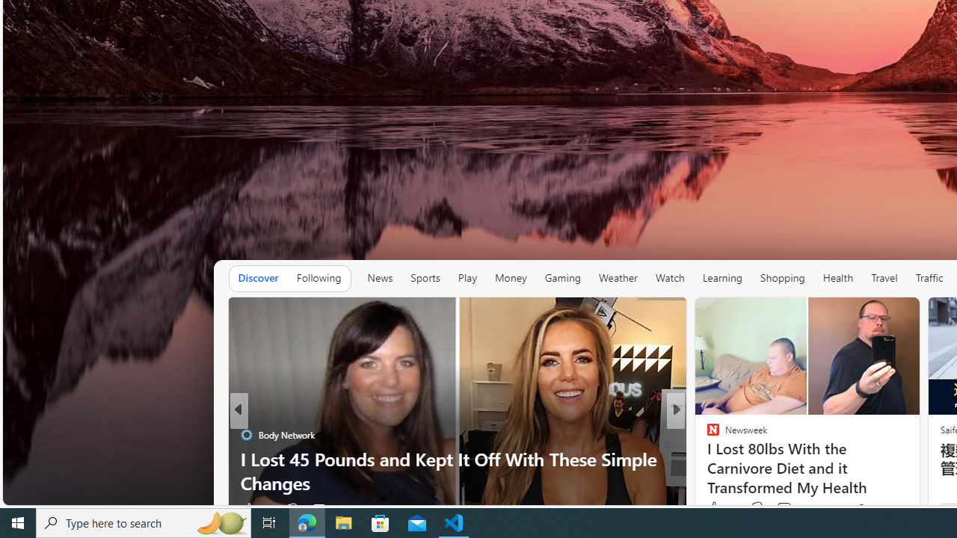 The height and width of the screenshot is (538, 957). Describe the element at coordinates (929, 277) in the screenshot. I see `'Traffic'` at that location.